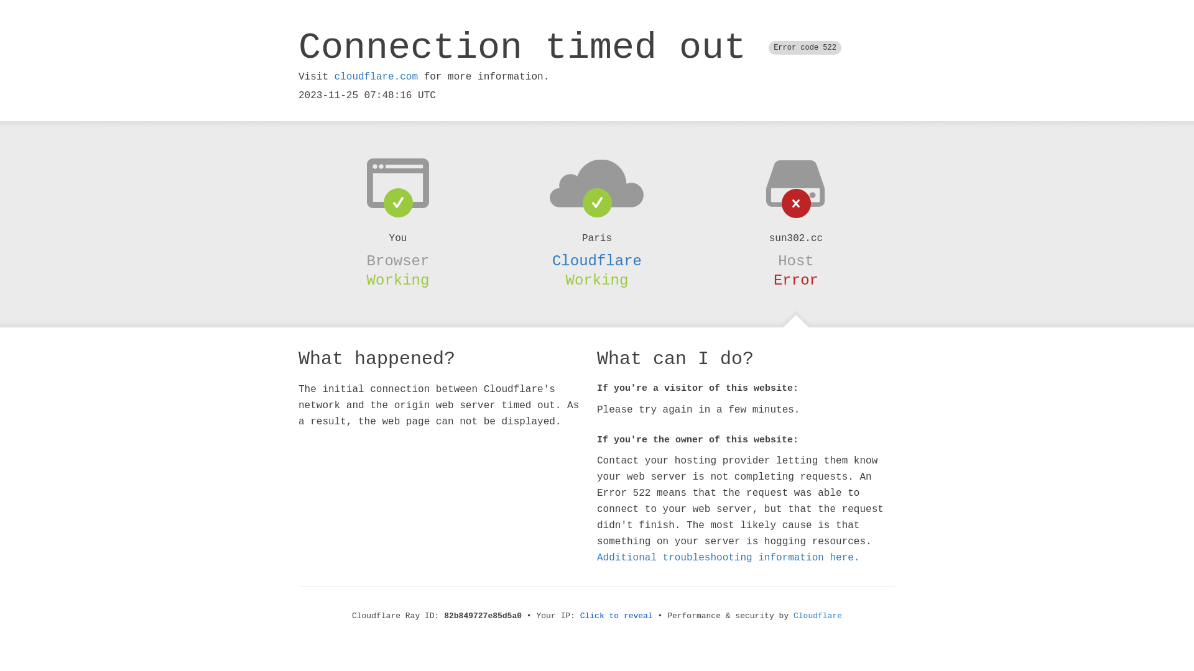 The height and width of the screenshot is (671, 1194). Describe the element at coordinates (728, 557) in the screenshot. I see `'Additional troubleshooting information here.'` at that location.